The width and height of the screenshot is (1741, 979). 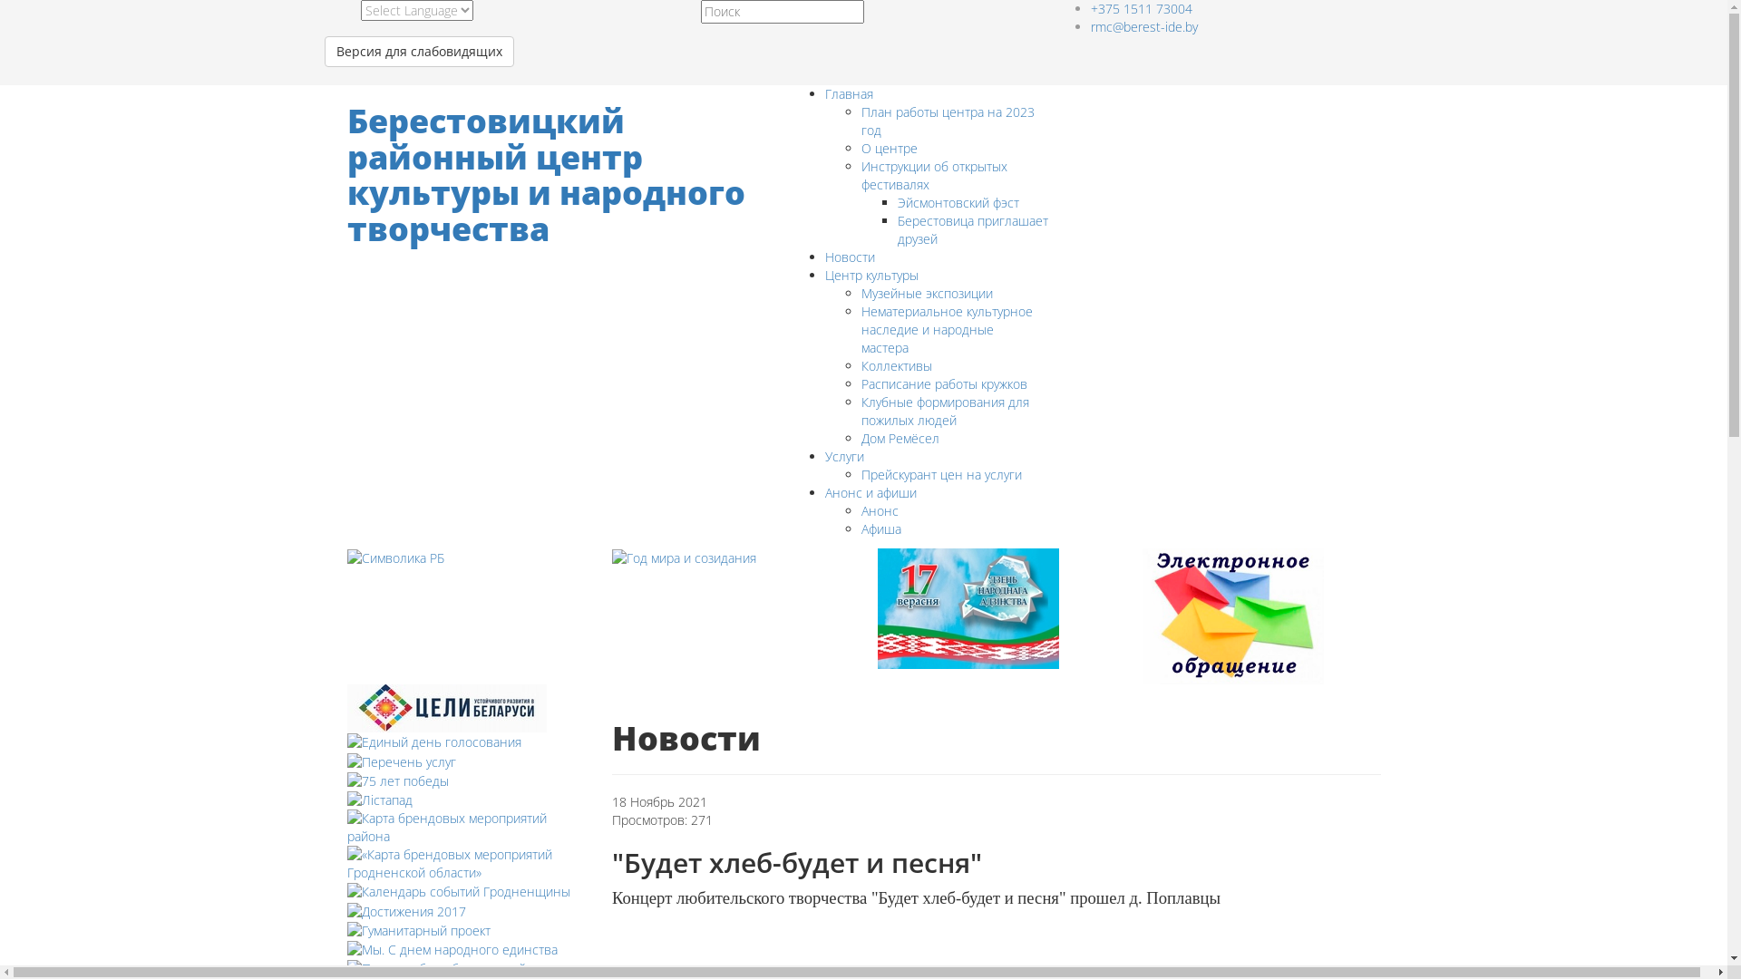 I want to click on '+375 1511 73004', so click(x=1139, y=8).